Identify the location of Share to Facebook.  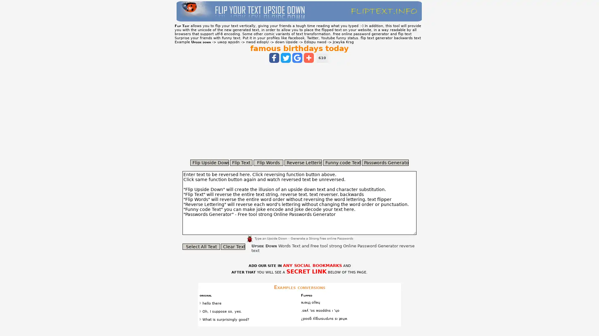
(274, 58).